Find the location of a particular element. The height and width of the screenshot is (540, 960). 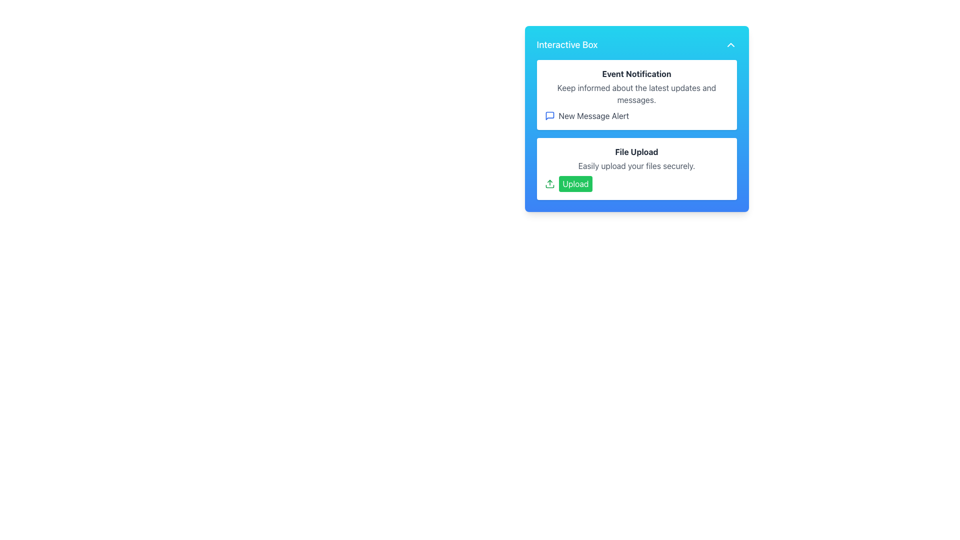

the 'New Message Alert' in the 'Event Notification' section of the composite UI element is located at coordinates (636, 129).